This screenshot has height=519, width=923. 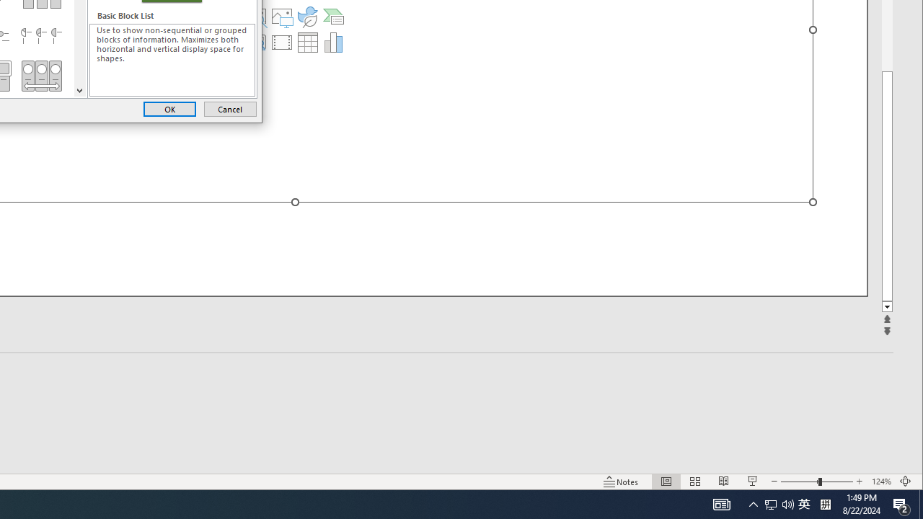 I want to click on 'Class: NetUITextbox', so click(x=172, y=59).